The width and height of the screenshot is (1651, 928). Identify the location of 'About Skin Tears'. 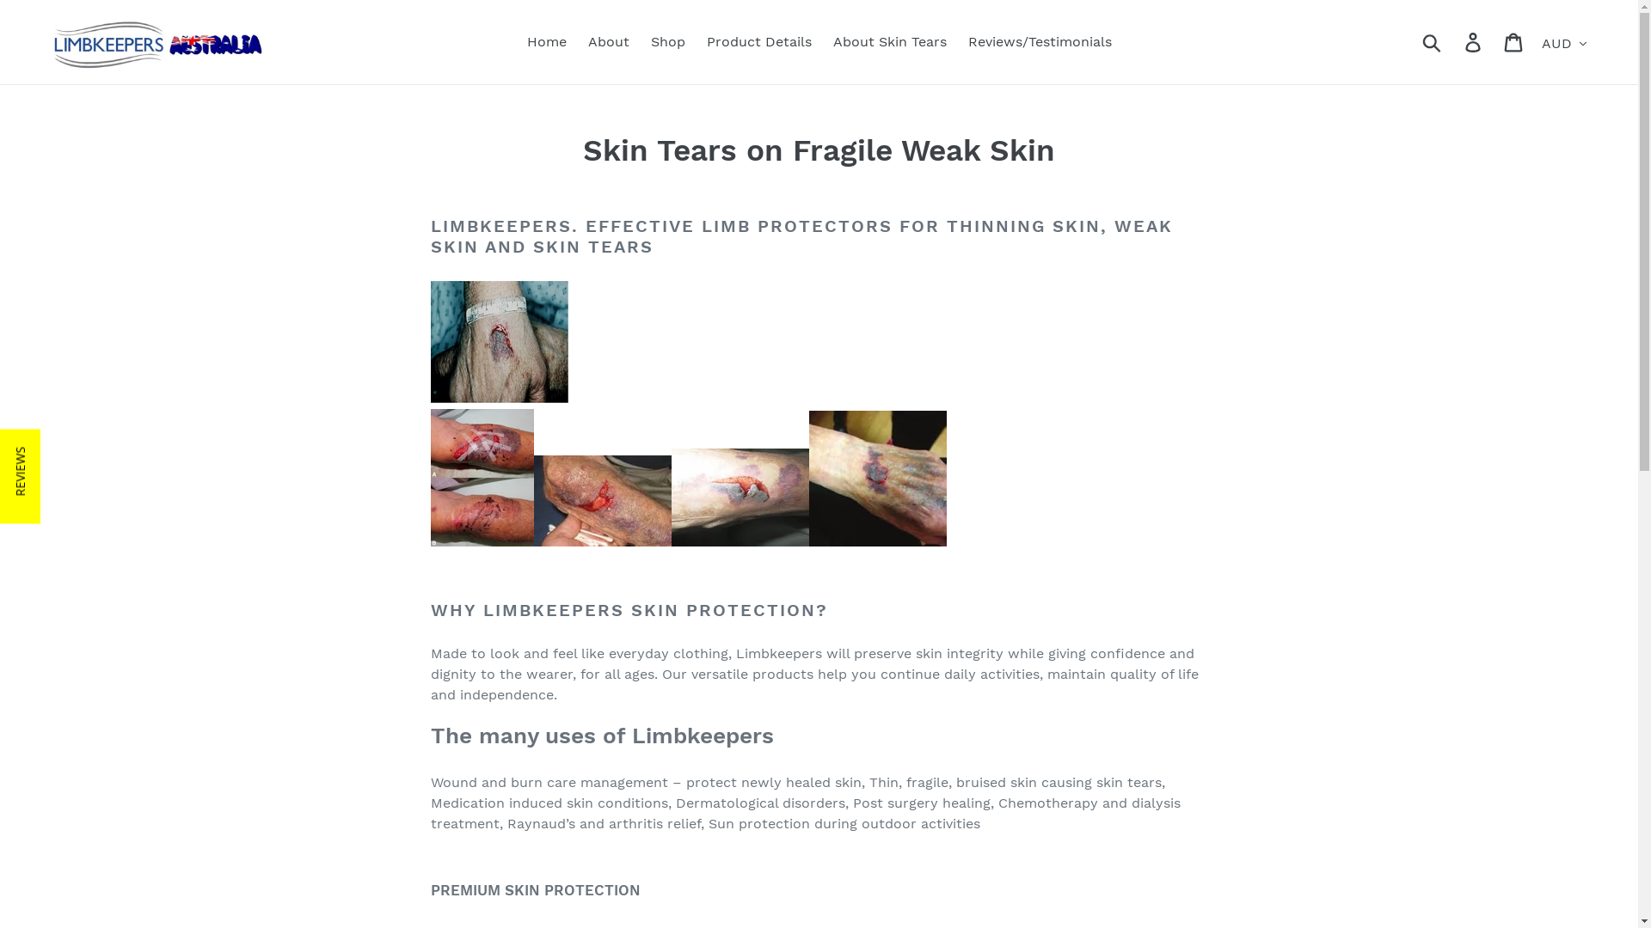
(888, 41).